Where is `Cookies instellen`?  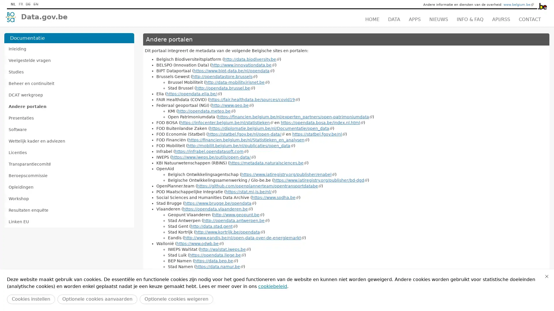
Cookies instellen is located at coordinates (31, 299).